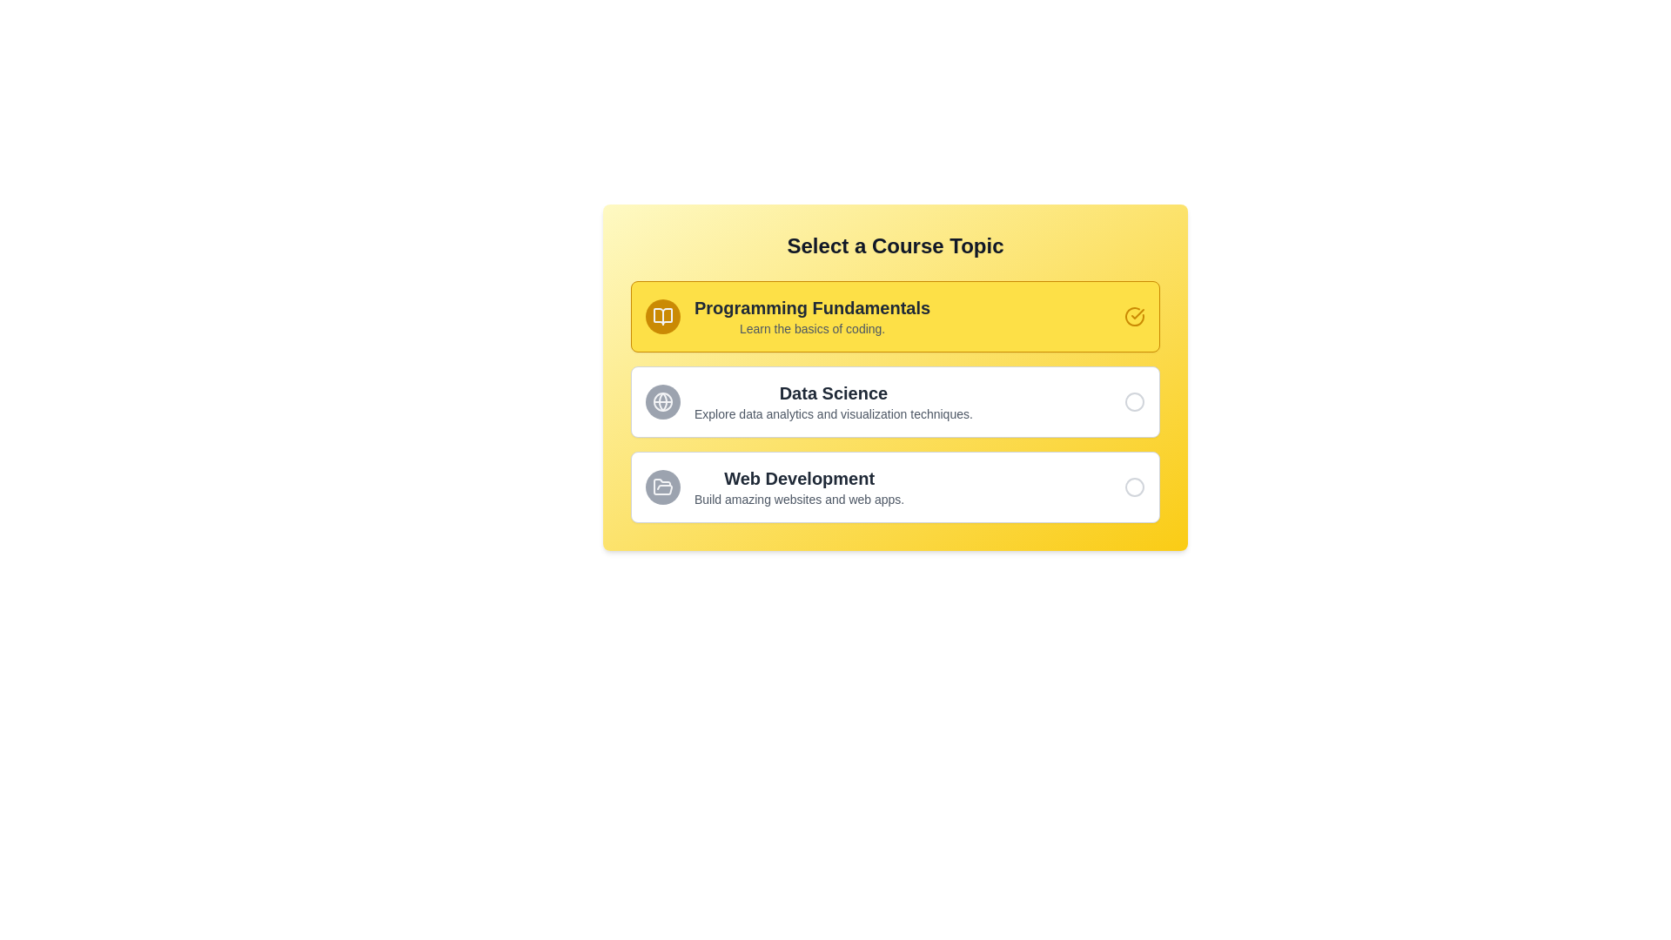  What do you see at coordinates (662, 316) in the screenshot?
I see `the 'Programming Fundamentals' course icon located within the highlighted button at the top of the list` at bounding box center [662, 316].